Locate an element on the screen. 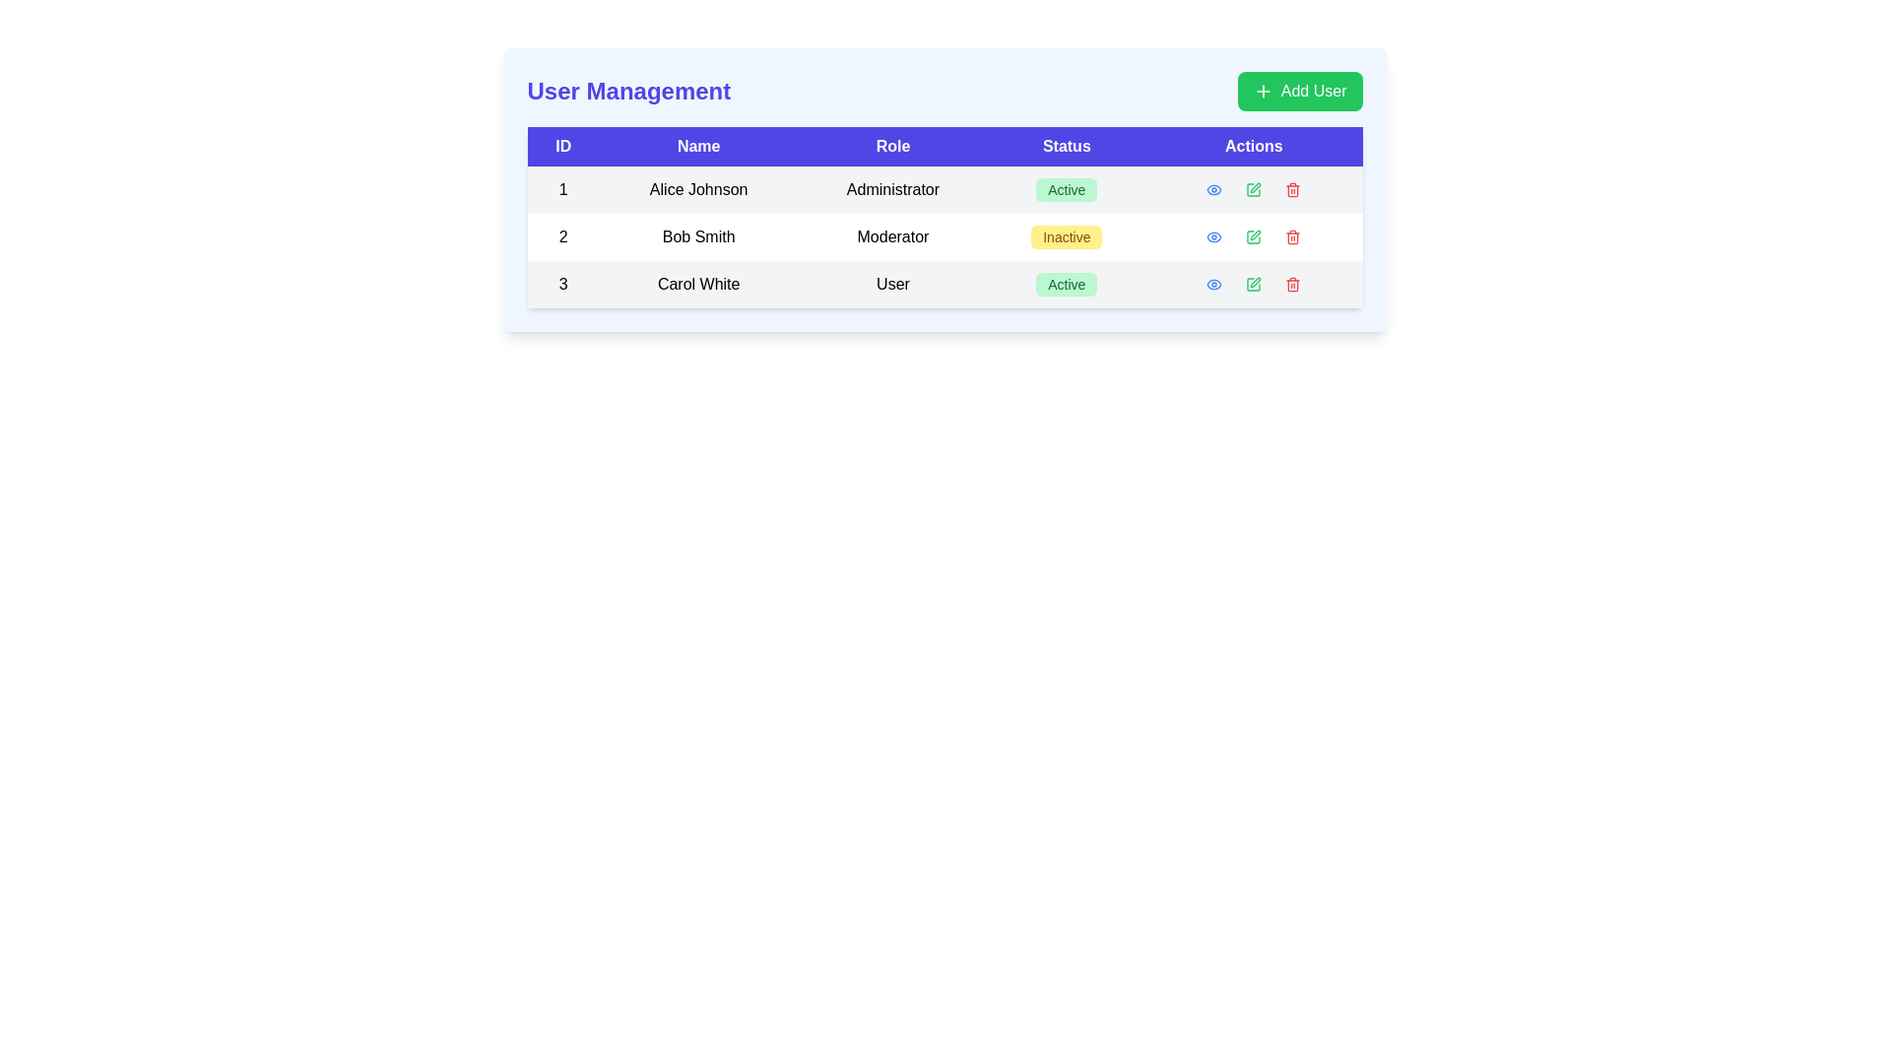 Image resolution: width=1891 pixels, height=1064 pixels. the delete button in the Actions column of the user management table is located at coordinates (1293, 189).